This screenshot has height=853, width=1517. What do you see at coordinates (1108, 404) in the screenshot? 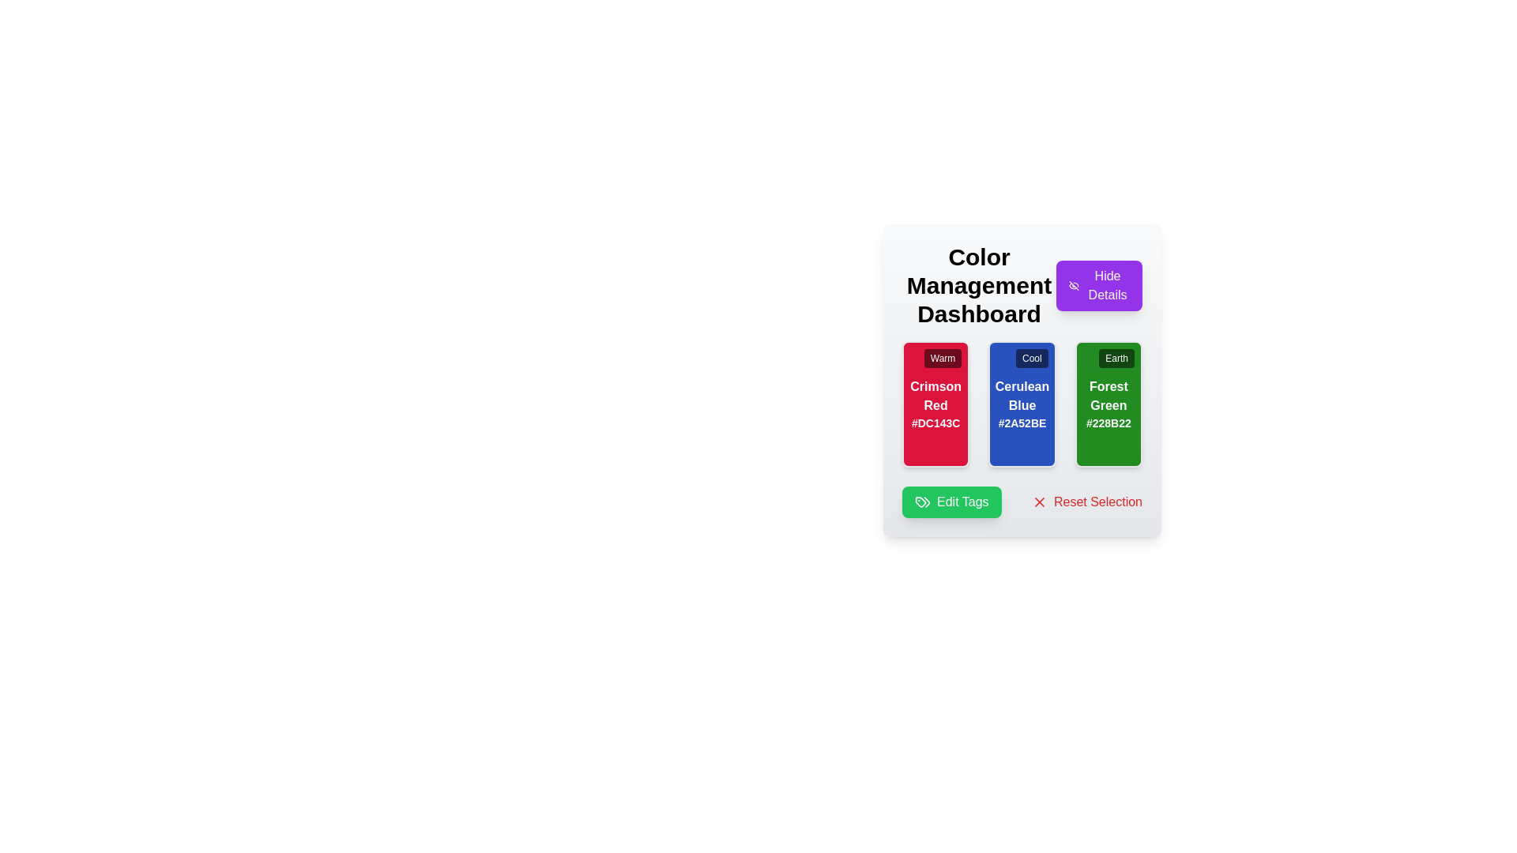
I see `A color swatch component with a green background, white border, and three textual sections including 'Earth', 'Forest Green', and '#228B22'` at bounding box center [1108, 404].